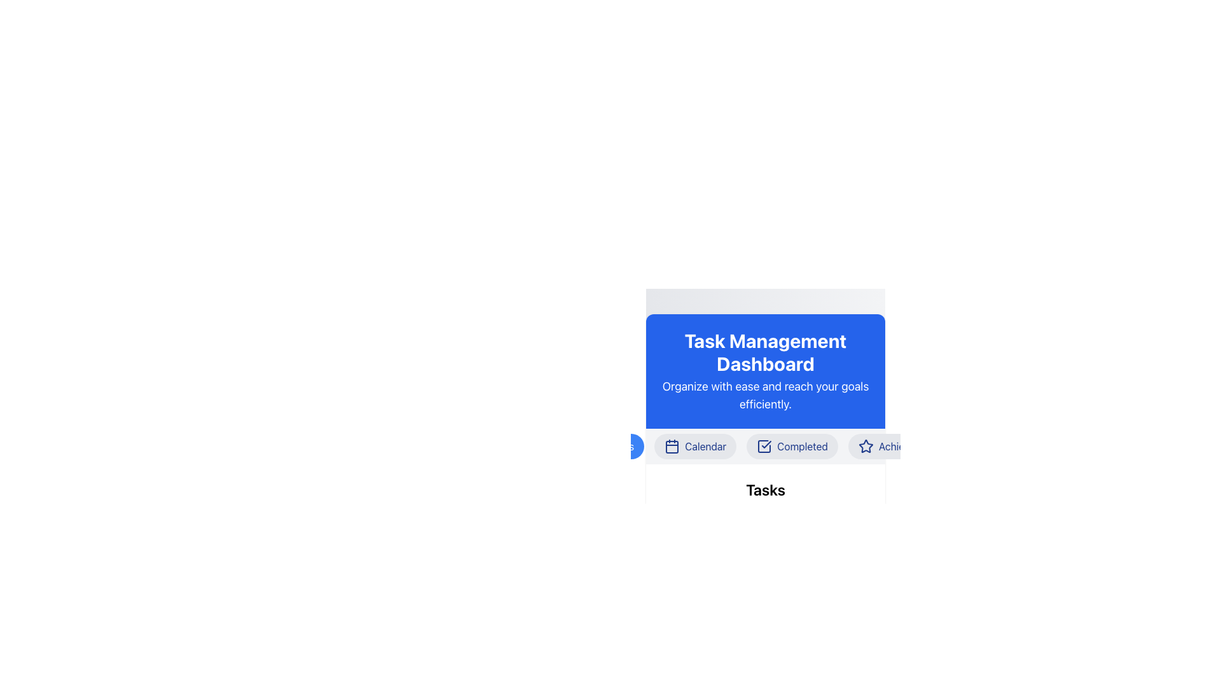  I want to click on the static text label located near the bottom of the central widget, which serves as a title for task management, so click(765, 489).